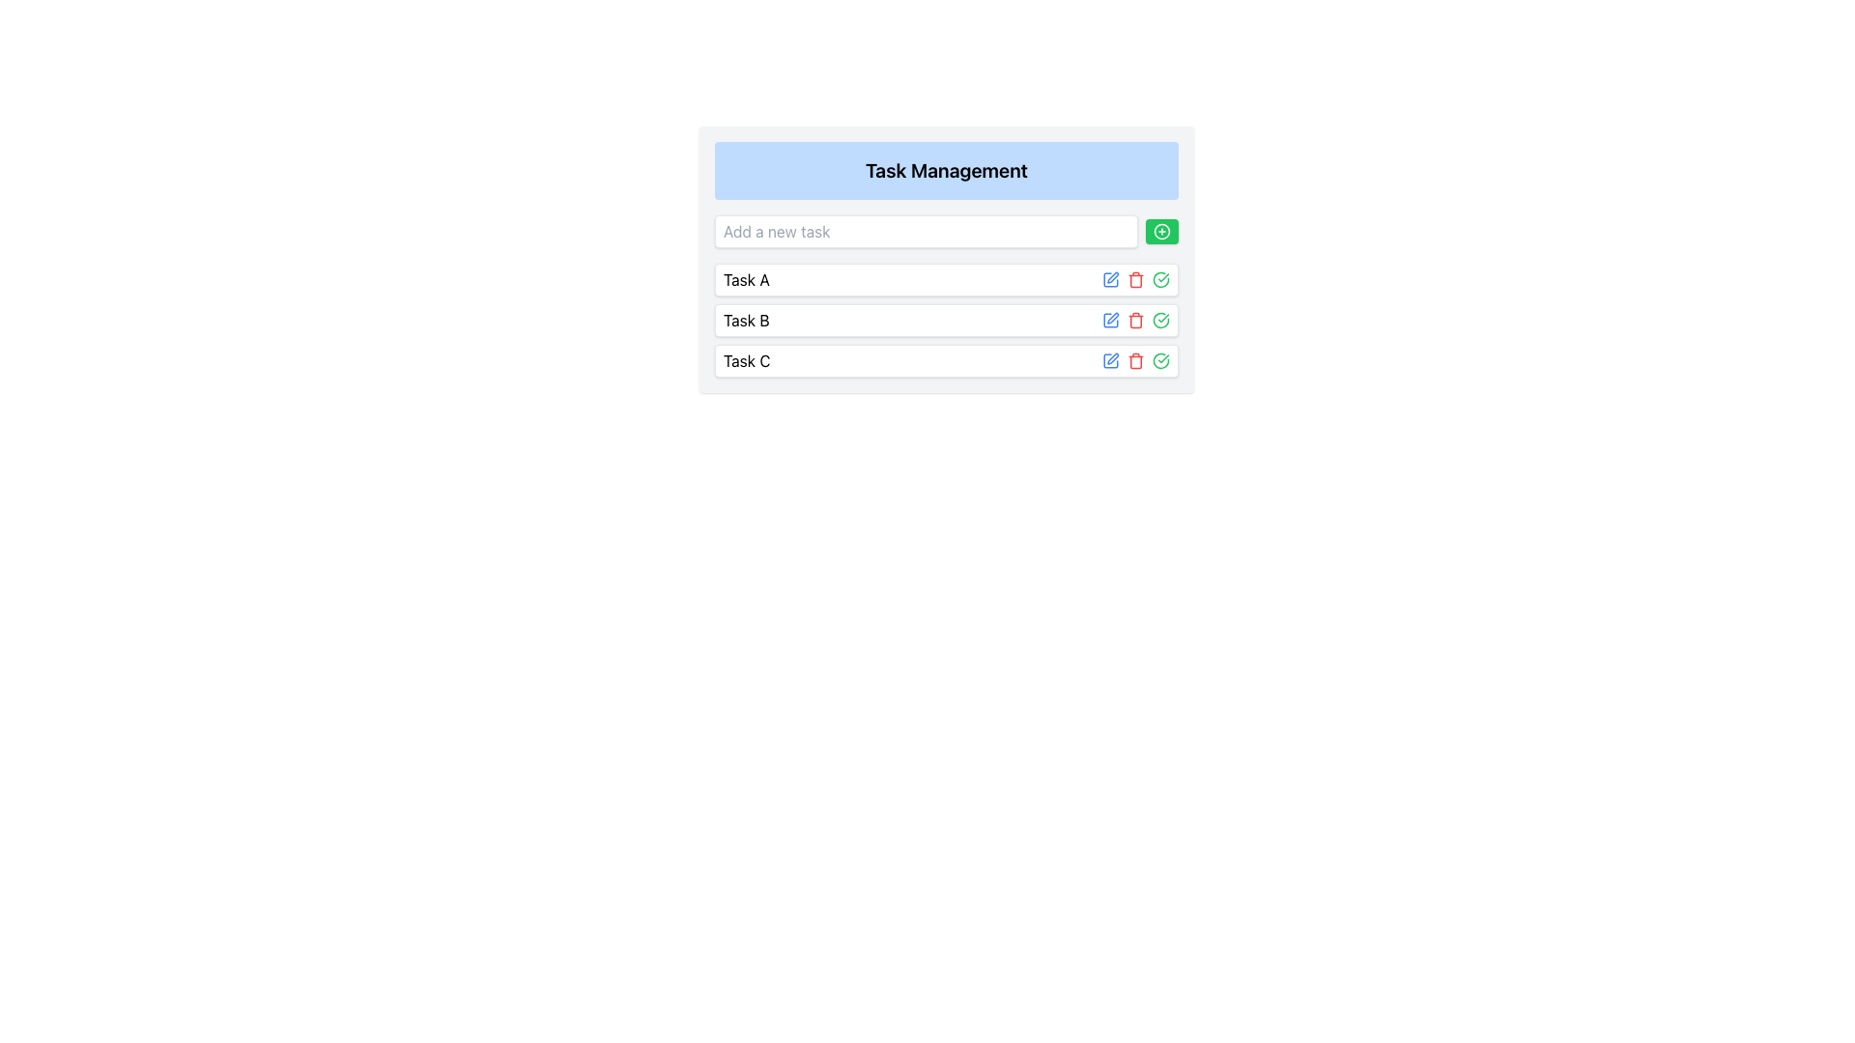 The width and height of the screenshot is (1855, 1043). What do you see at coordinates (1159, 361) in the screenshot?
I see `the confirmation button located on the right side of the third row associated with Task C in the task management section` at bounding box center [1159, 361].